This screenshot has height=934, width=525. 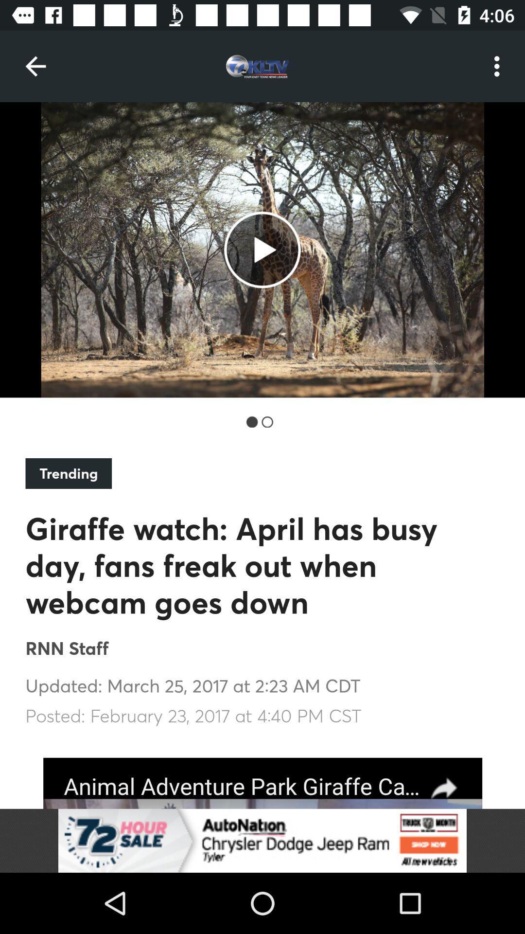 I want to click on open share options, so click(x=262, y=783).